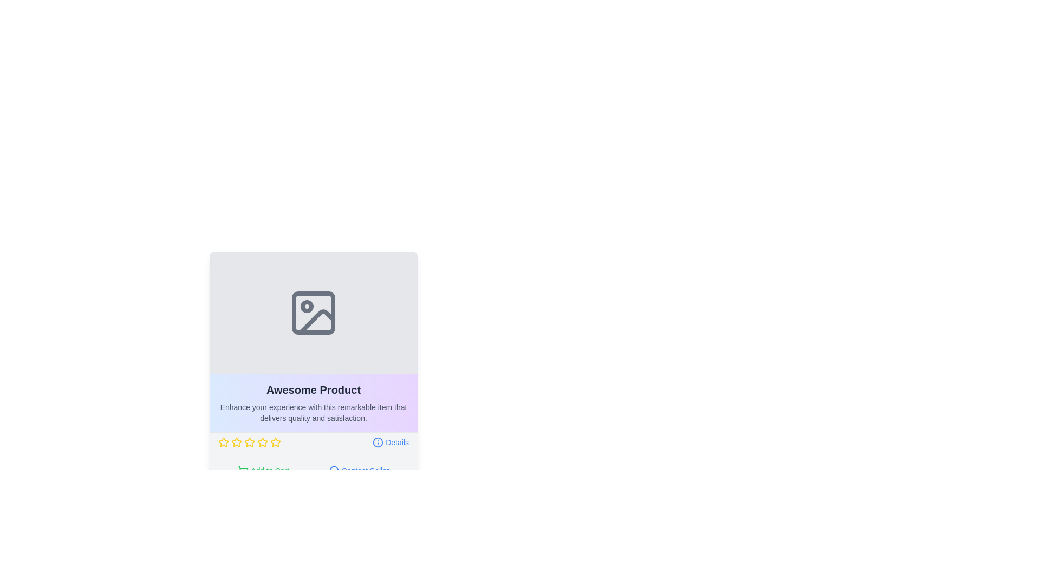 This screenshot has width=1040, height=585. Describe the element at coordinates (333, 470) in the screenshot. I see `the SVG Icon that visually indicates the 'Contact Seller' functionality, located on the left side of the 'Contact Seller' button text` at that location.